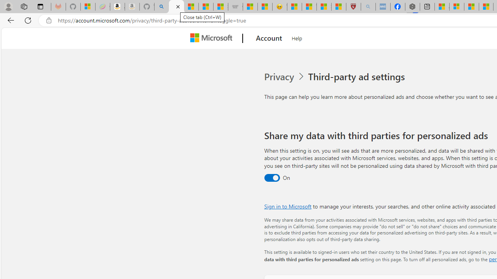  What do you see at coordinates (294, 7) in the screenshot?
I see `'Recipes - MSN'` at bounding box center [294, 7].